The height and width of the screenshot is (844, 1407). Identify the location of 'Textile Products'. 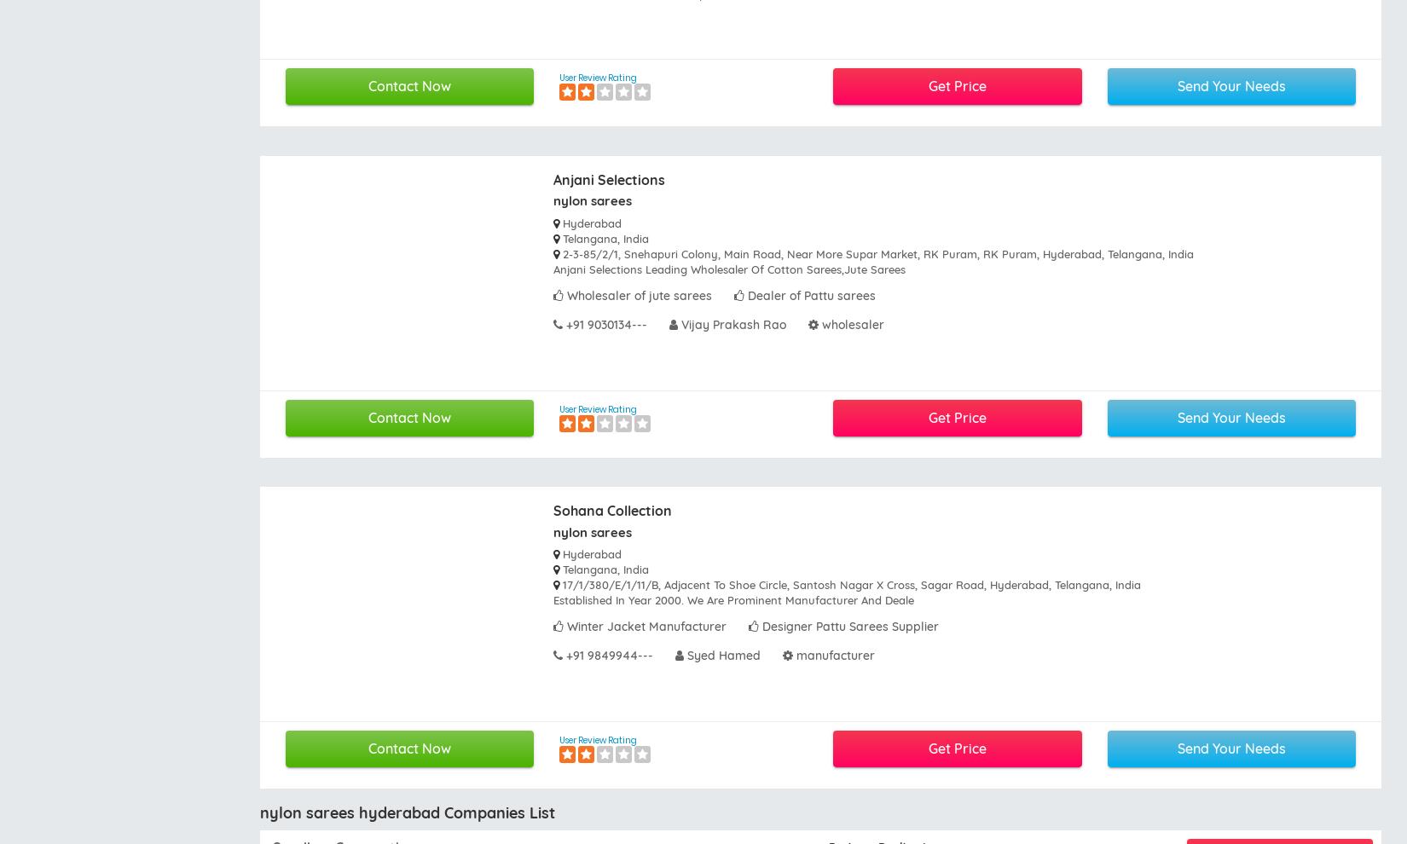
(1034, 576).